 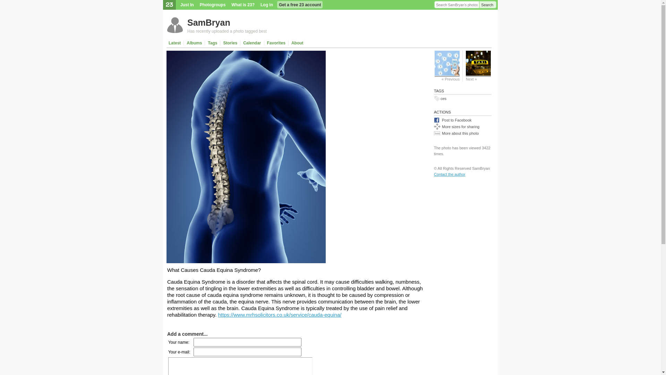 I want to click on 'Favorites', so click(x=264, y=43).